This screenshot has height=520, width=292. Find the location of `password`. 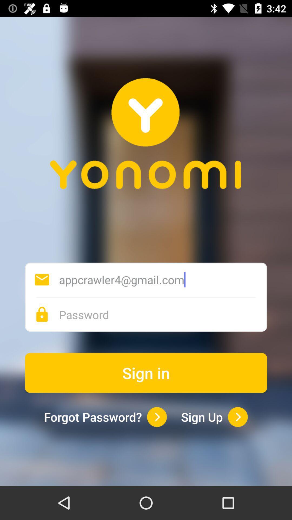

password is located at coordinates (162, 314).